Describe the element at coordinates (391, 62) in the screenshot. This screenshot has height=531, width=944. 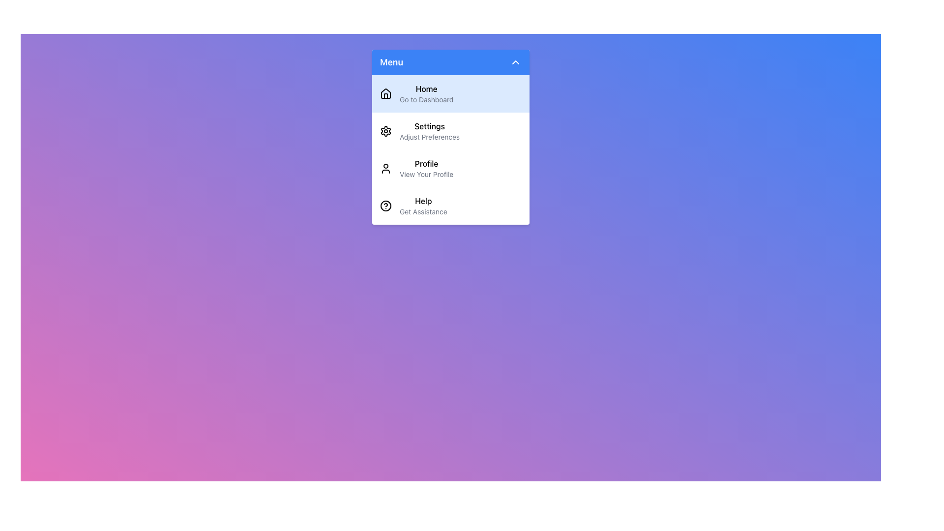
I see `'Menu' text label located at the top-left corner of the dropdown menu header, styled in bold font and positioned next to a chevron icon` at that location.